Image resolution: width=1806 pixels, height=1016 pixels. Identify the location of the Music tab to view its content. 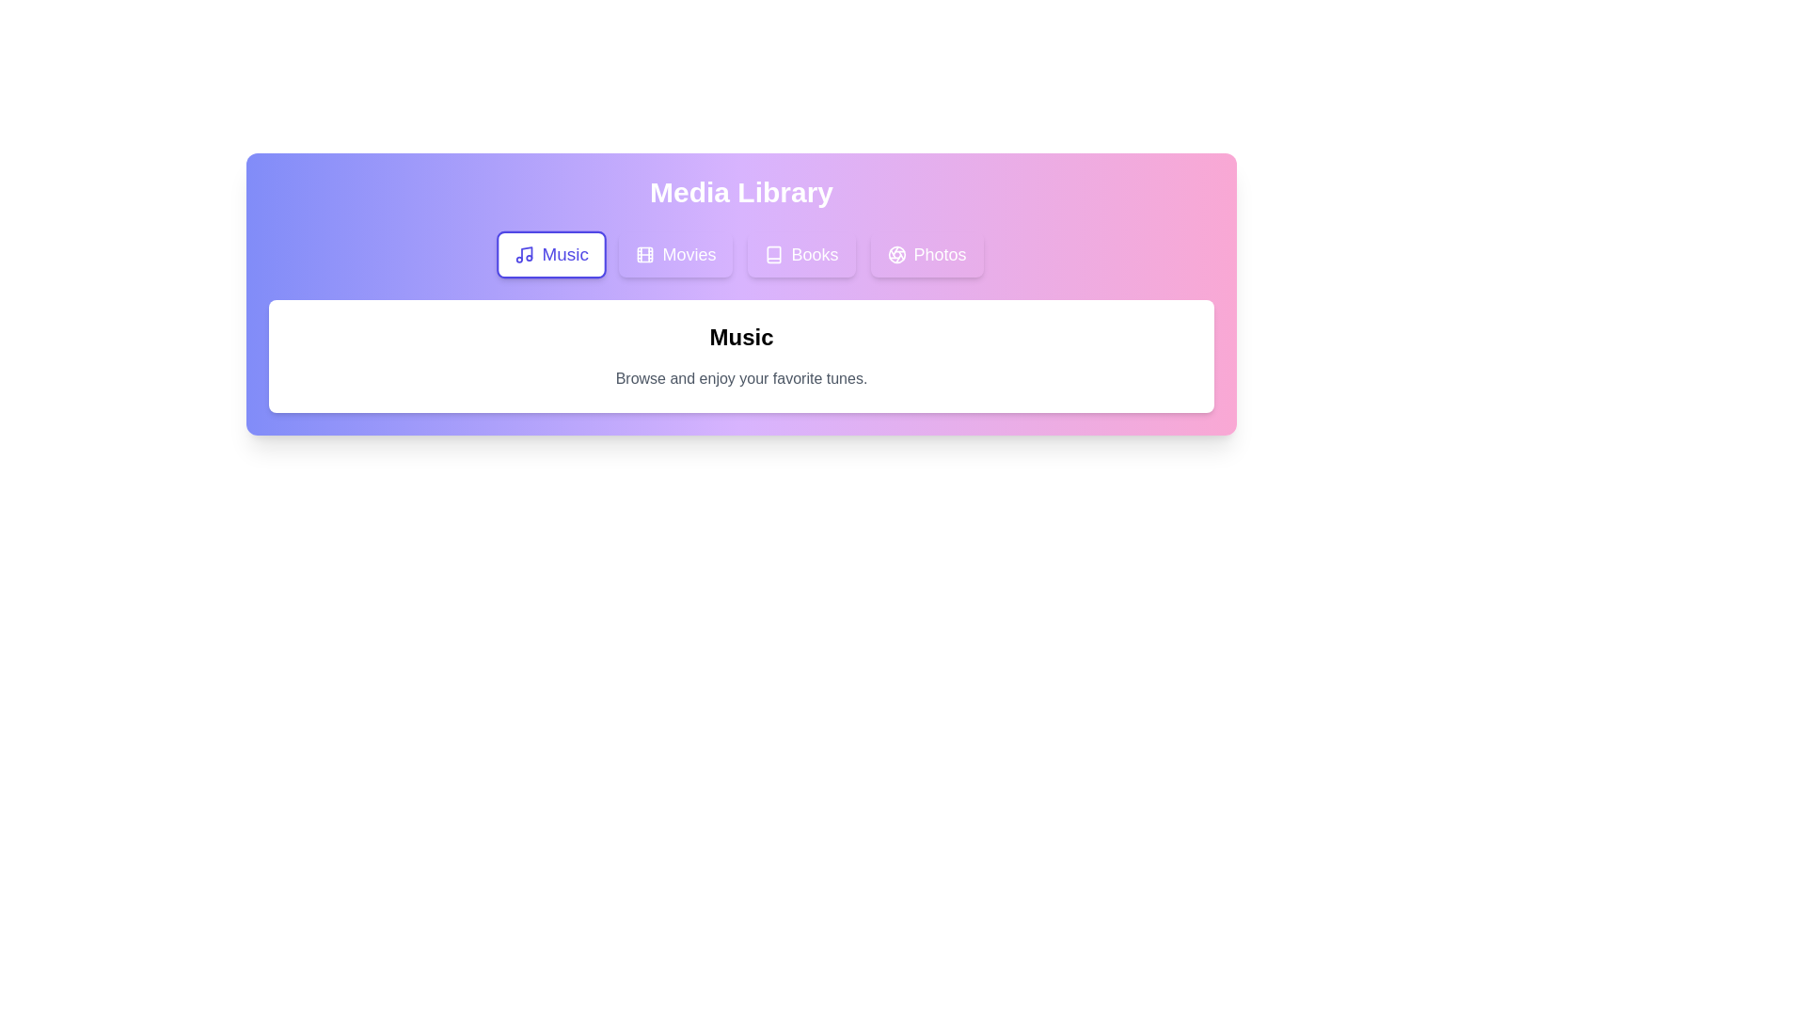
(550, 254).